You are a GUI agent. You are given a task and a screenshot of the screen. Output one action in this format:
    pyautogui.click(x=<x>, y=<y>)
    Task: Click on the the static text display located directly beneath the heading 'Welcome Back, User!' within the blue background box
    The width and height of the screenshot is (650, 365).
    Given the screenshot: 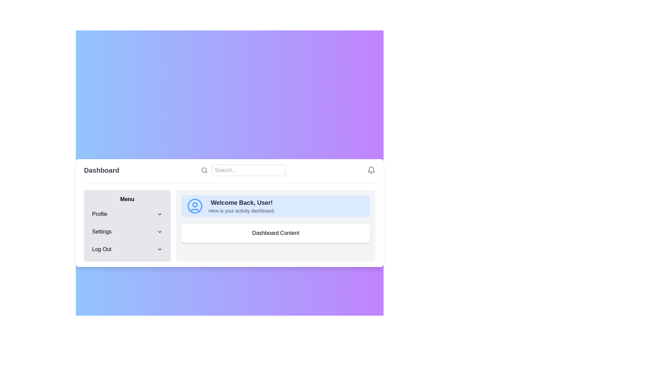 What is the action you would take?
    pyautogui.click(x=242, y=210)
    